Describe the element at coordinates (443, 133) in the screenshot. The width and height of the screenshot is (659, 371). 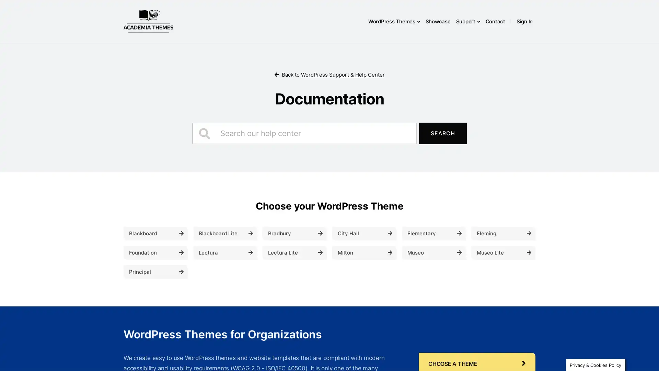
I see `Search` at that location.